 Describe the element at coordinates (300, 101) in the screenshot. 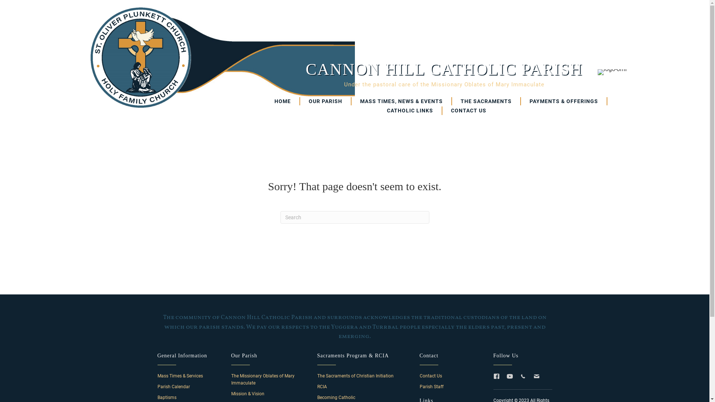

I see `'OUR PARISH'` at that location.